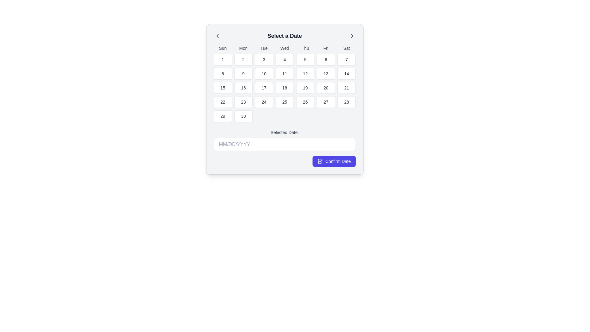 The width and height of the screenshot is (590, 332). Describe the element at coordinates (320, 161) in the screenshot. I see `the circular graphical icon that visually reinforces the confirm button for the selected date in the calendar selection dialog box` at that location.